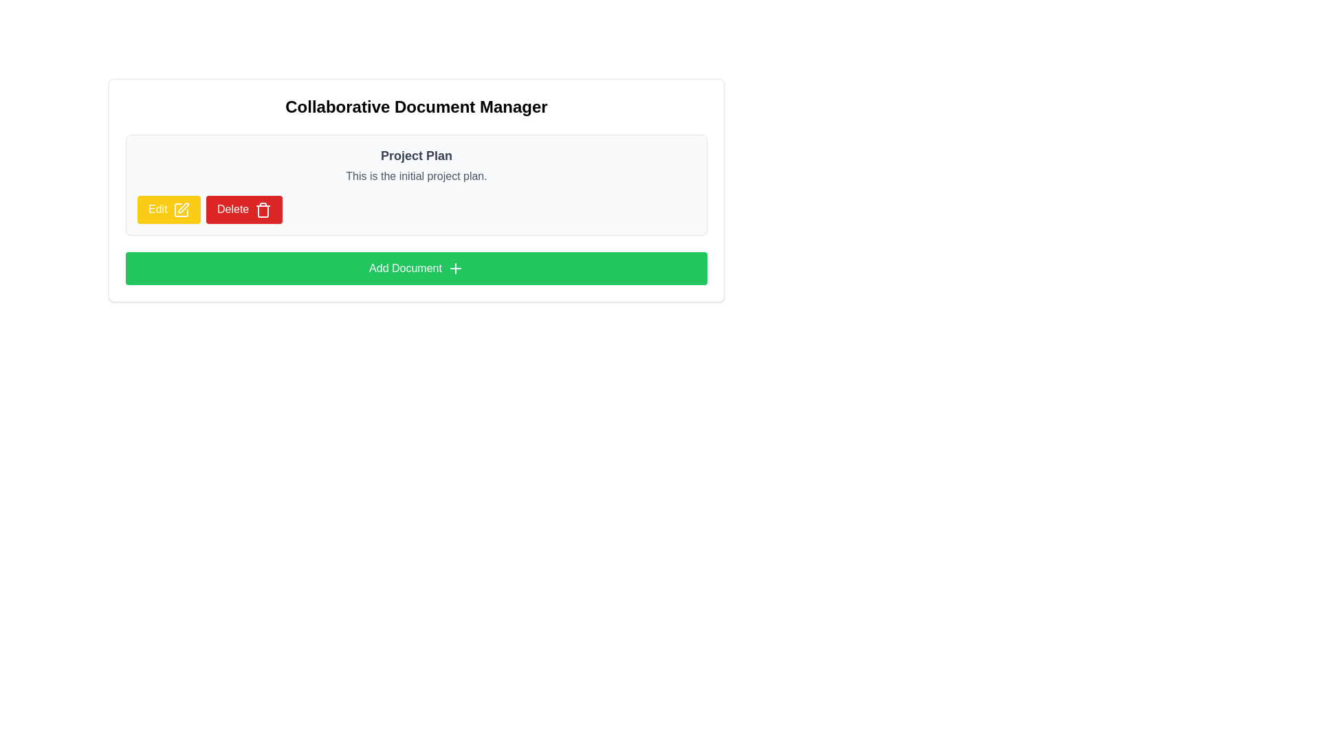 The image size is (1320, 742). Describe the element at coordinates (181, 209) in the screenshot. I see `the small pen or pencil icon outlined within the yellow 'Edit' button` at that location.